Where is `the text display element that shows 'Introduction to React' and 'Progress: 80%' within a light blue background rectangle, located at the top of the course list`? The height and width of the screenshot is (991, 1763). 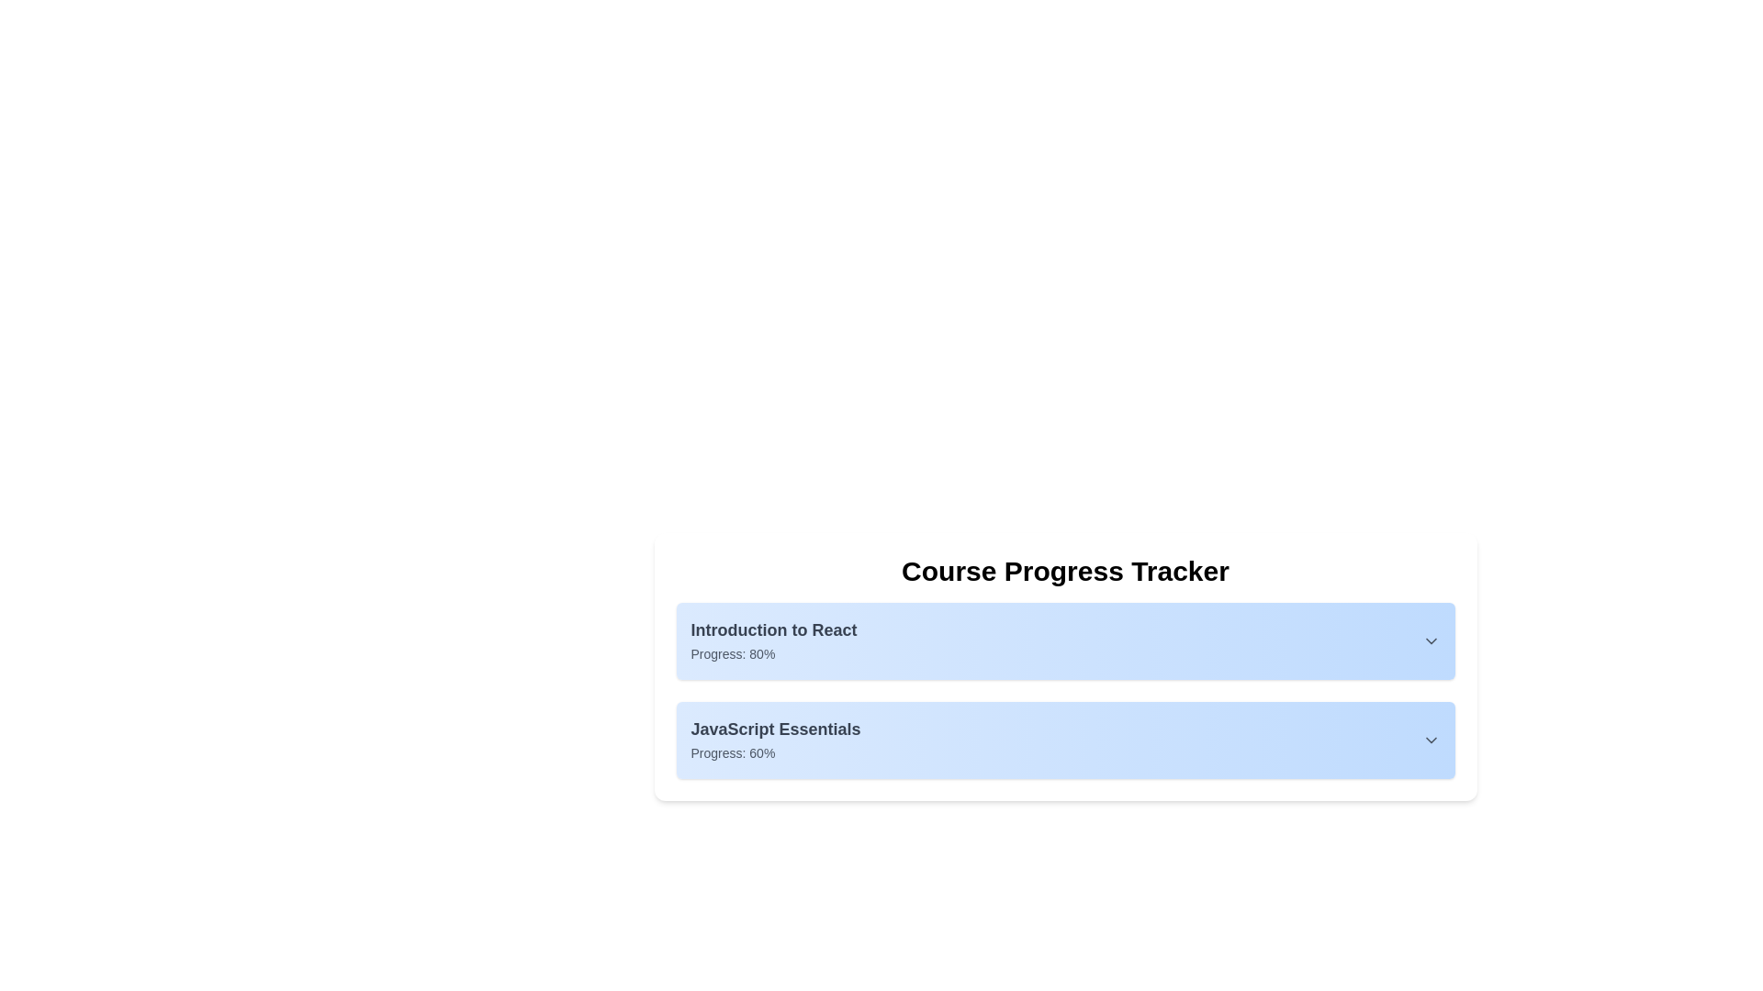
the text display element that shows 'Introduction to React' and 'Progress: 80%' within a light blue background rectangle, located at the top of the course list is located at coordinates (774, 640).